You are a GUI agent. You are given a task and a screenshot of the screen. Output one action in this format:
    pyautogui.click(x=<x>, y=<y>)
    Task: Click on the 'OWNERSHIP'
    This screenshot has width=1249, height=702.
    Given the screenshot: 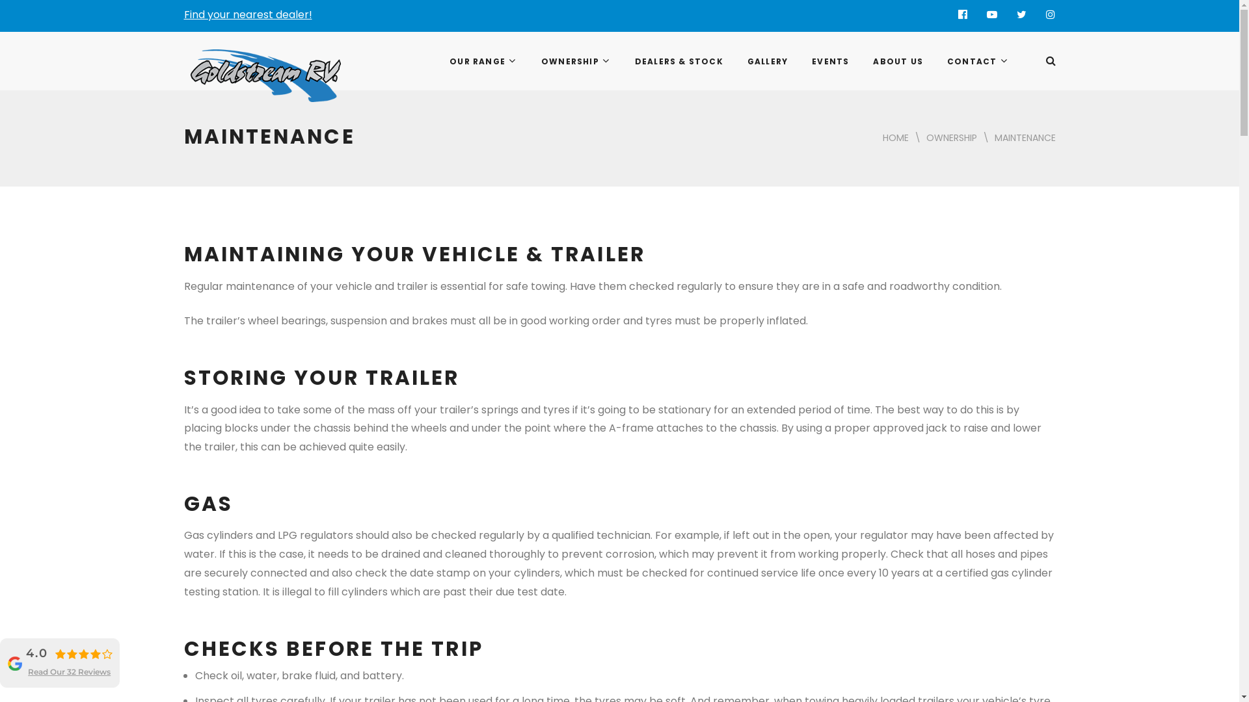 What is the action you would take?
    pyautogui.click(x=528, y=61)
    